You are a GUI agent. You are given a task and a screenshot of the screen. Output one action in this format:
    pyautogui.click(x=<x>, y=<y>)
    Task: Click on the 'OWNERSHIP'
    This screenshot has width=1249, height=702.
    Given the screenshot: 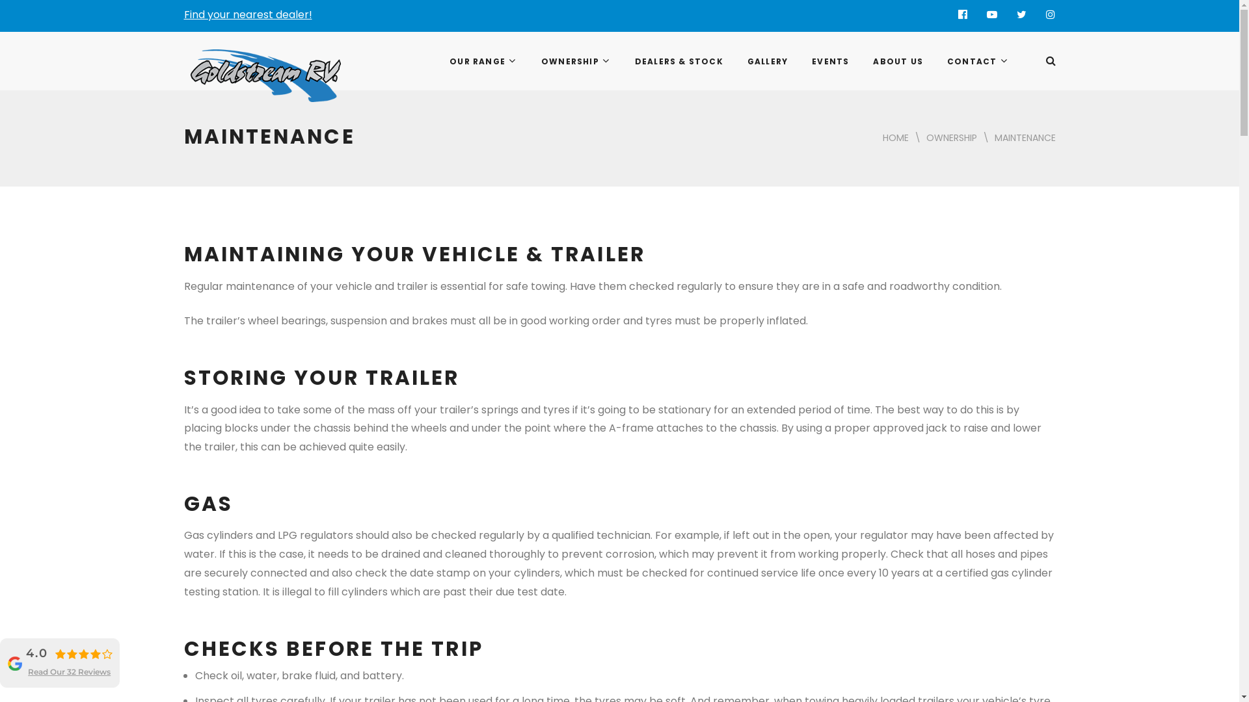 What is the action you would take?
    pyautogui.click(x=528, y=61)
    